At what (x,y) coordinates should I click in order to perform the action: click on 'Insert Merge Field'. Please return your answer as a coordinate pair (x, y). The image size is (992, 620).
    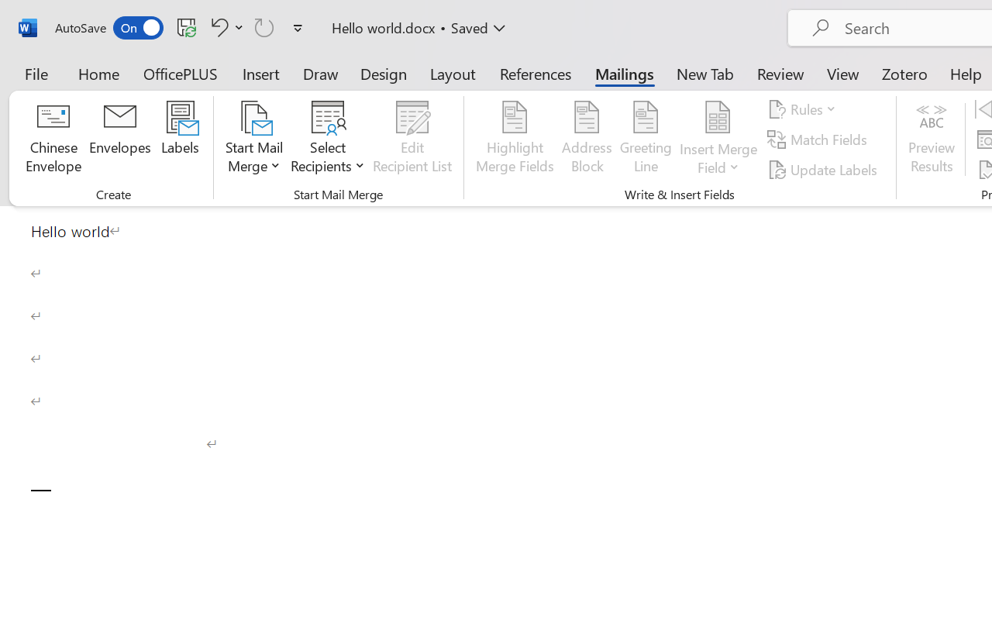
    Looking at the image, I should click on (718, 139).